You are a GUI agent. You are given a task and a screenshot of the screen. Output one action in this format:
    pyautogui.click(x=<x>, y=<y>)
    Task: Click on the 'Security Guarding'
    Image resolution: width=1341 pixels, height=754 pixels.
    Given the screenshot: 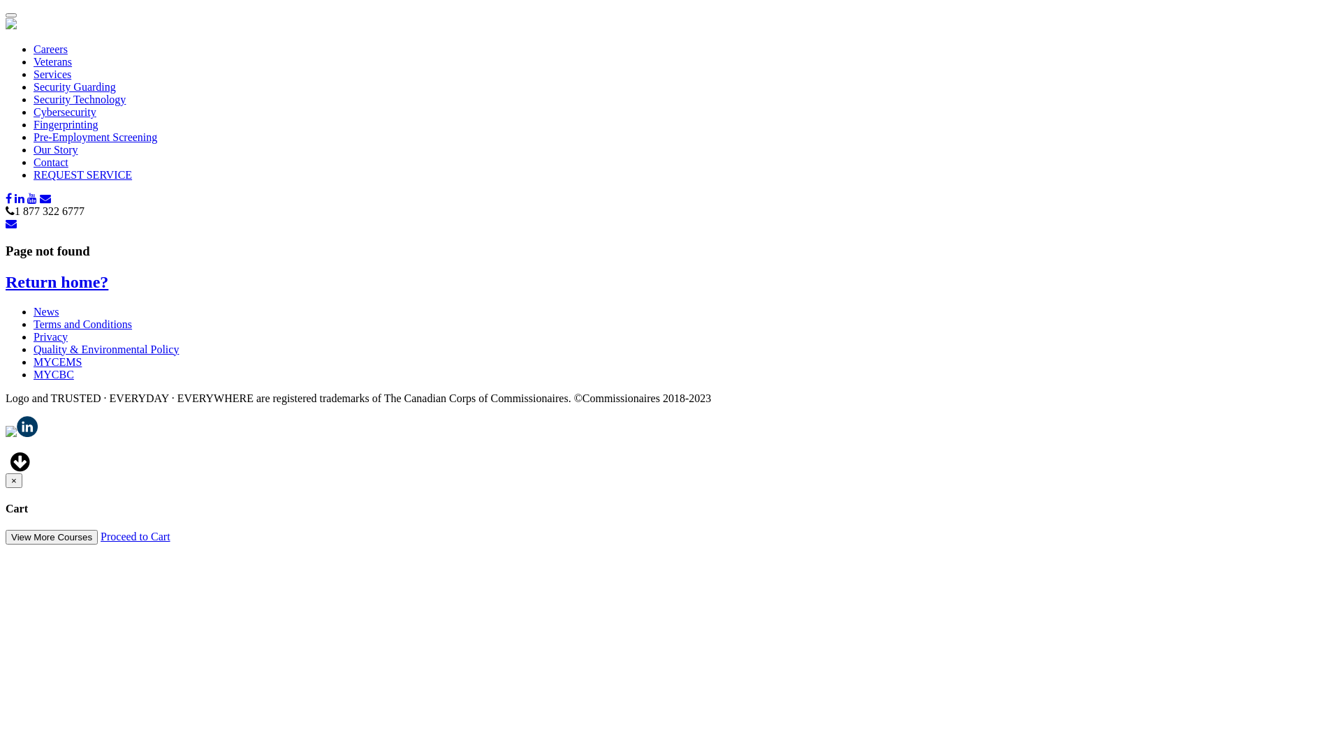 What is the action you would take?
    pyautogui.click(x=73, y=87)
    